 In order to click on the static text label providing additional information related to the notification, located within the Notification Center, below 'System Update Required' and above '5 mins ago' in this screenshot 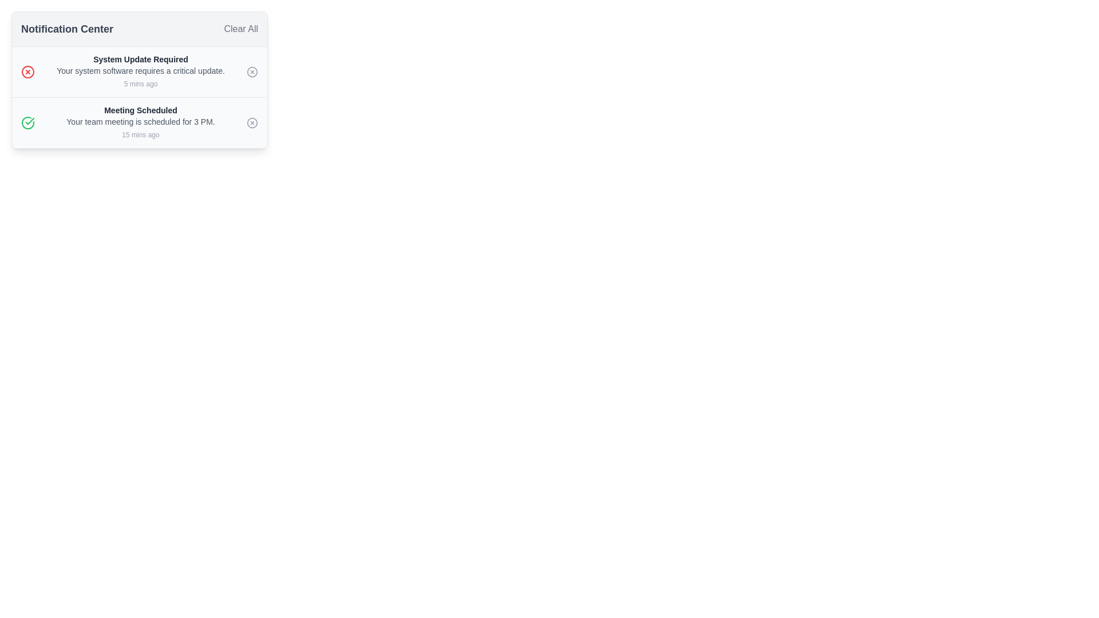, I will do `click(140, 70)`.